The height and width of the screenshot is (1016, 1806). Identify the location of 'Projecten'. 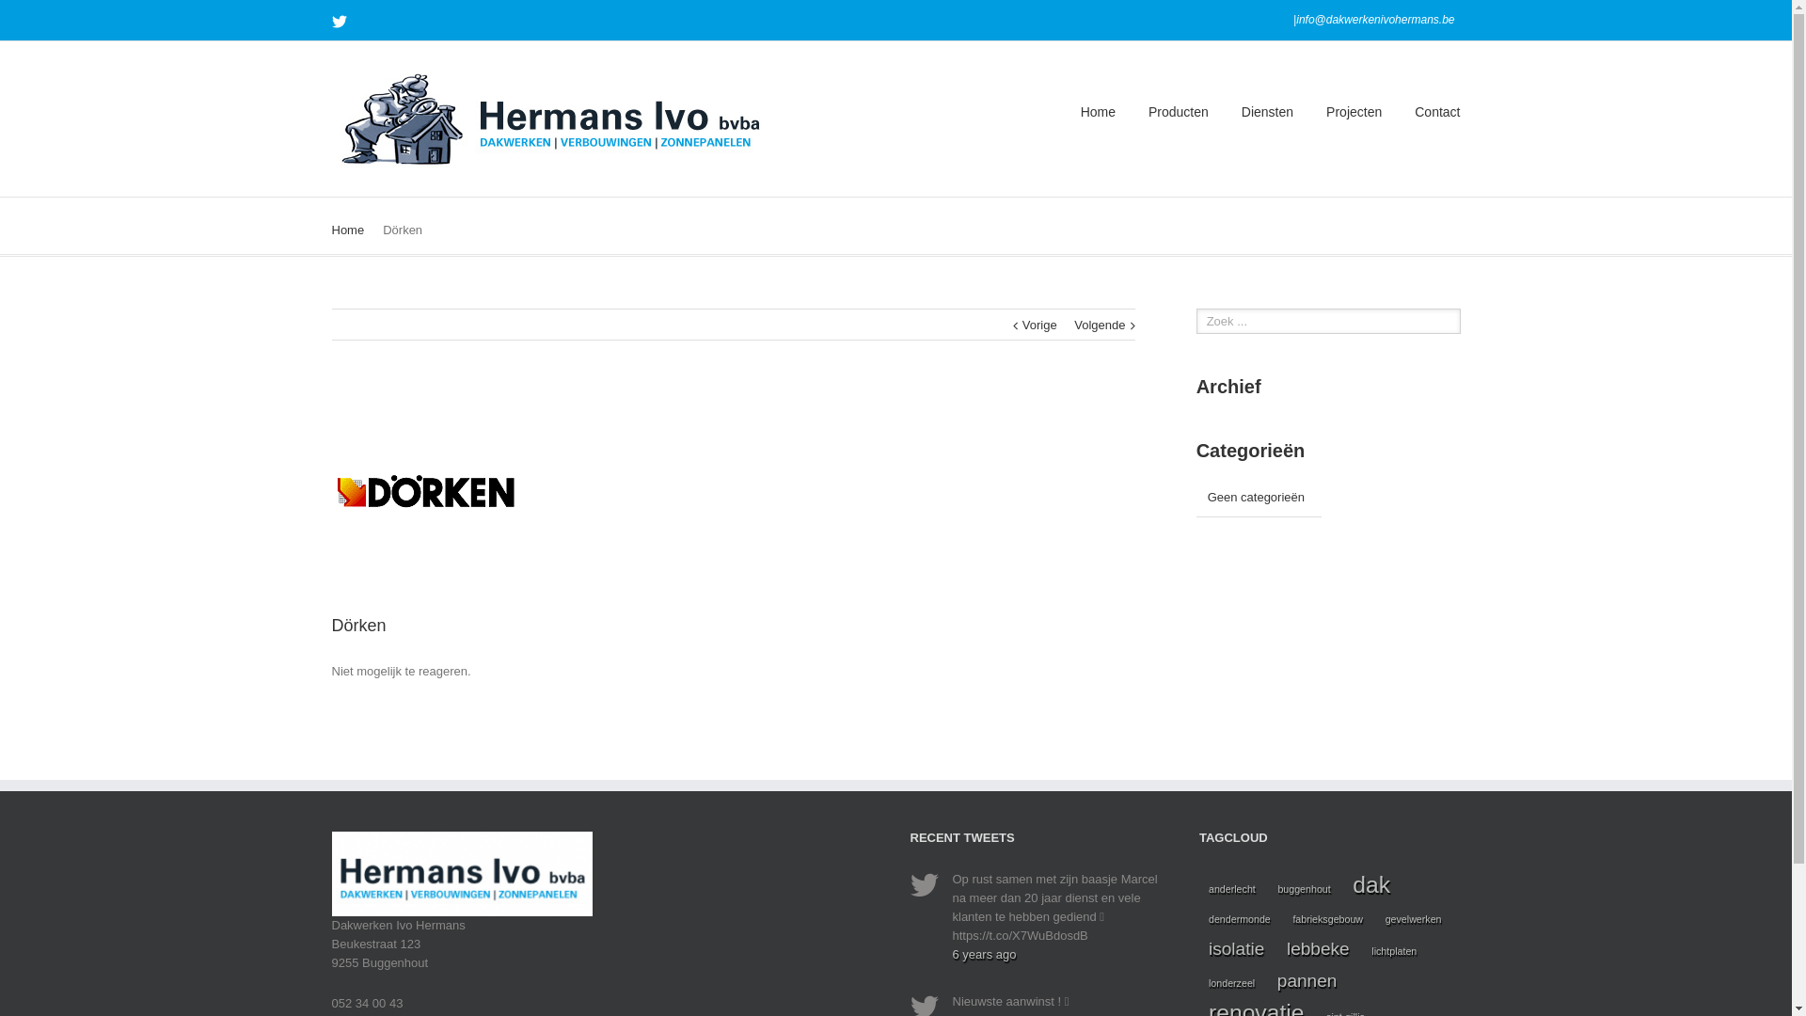
(1353, 111).